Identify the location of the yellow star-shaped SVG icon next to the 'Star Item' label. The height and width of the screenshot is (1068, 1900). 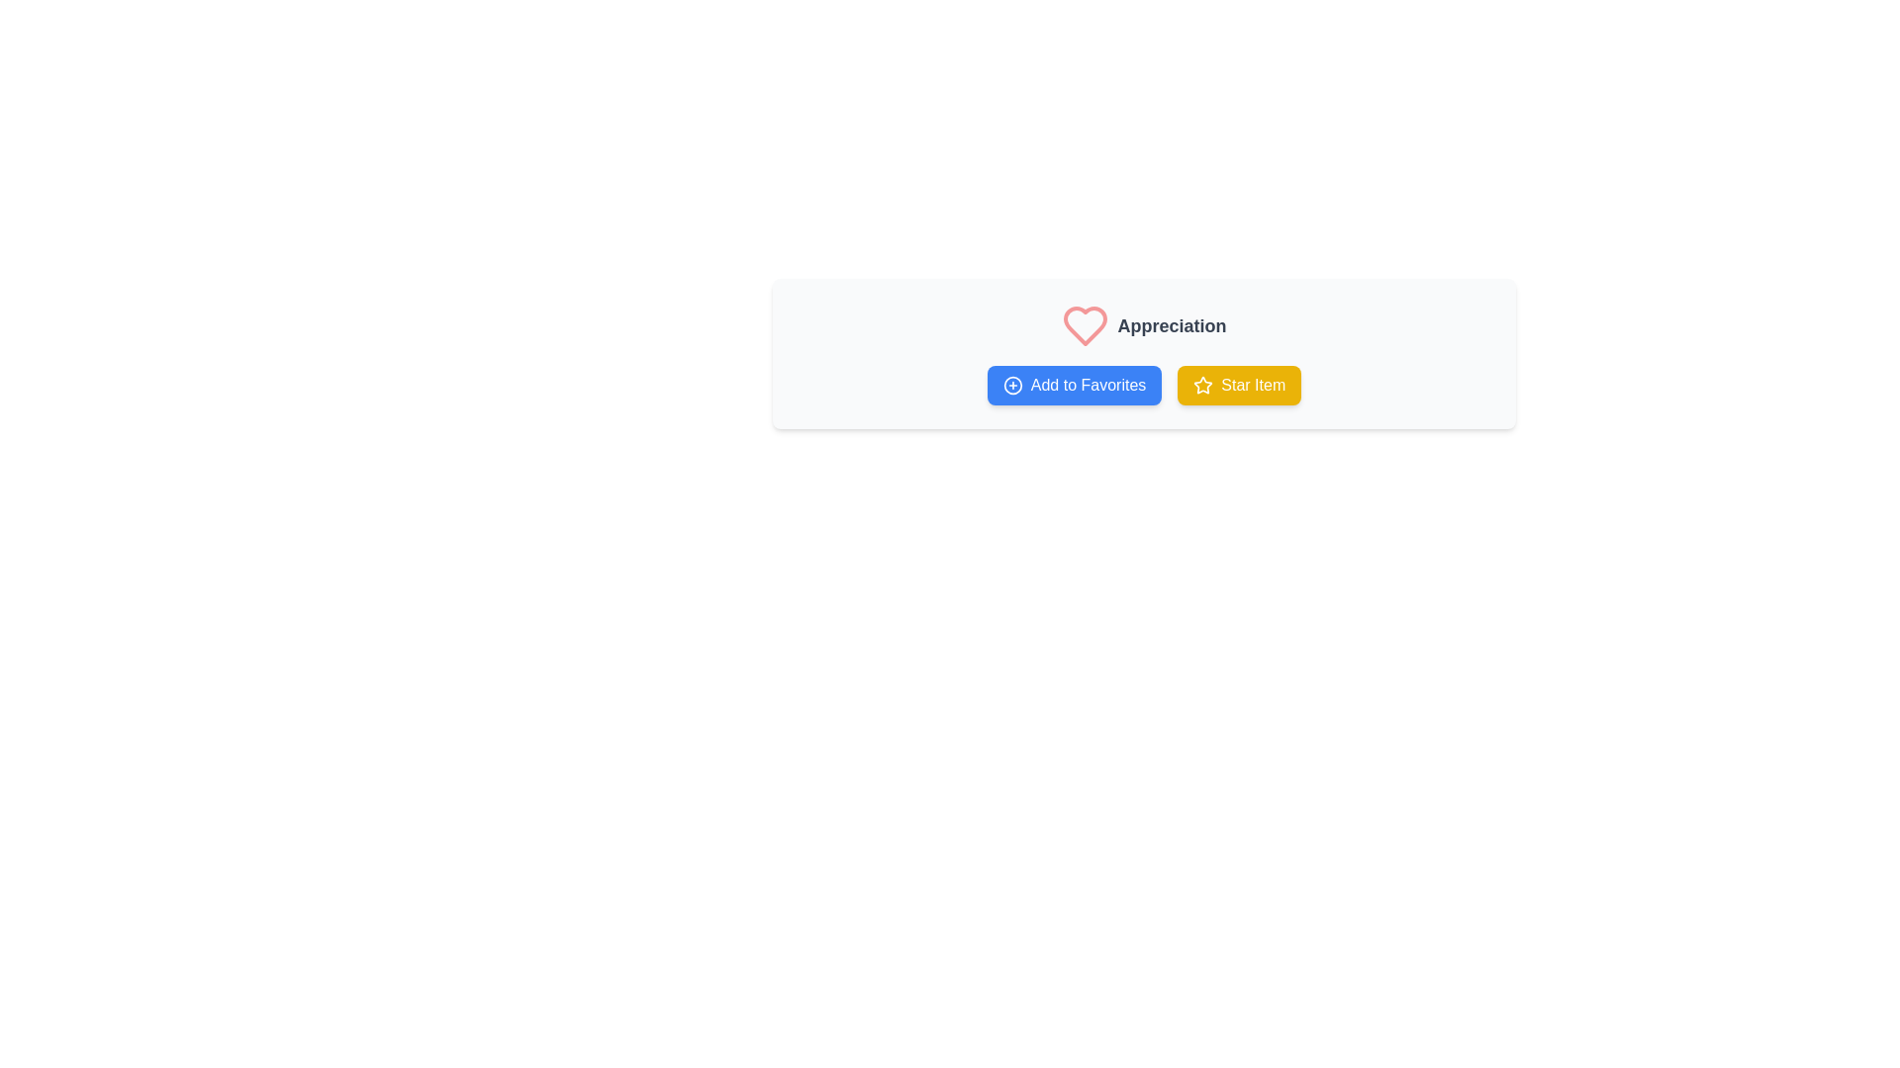
(1202, 385).